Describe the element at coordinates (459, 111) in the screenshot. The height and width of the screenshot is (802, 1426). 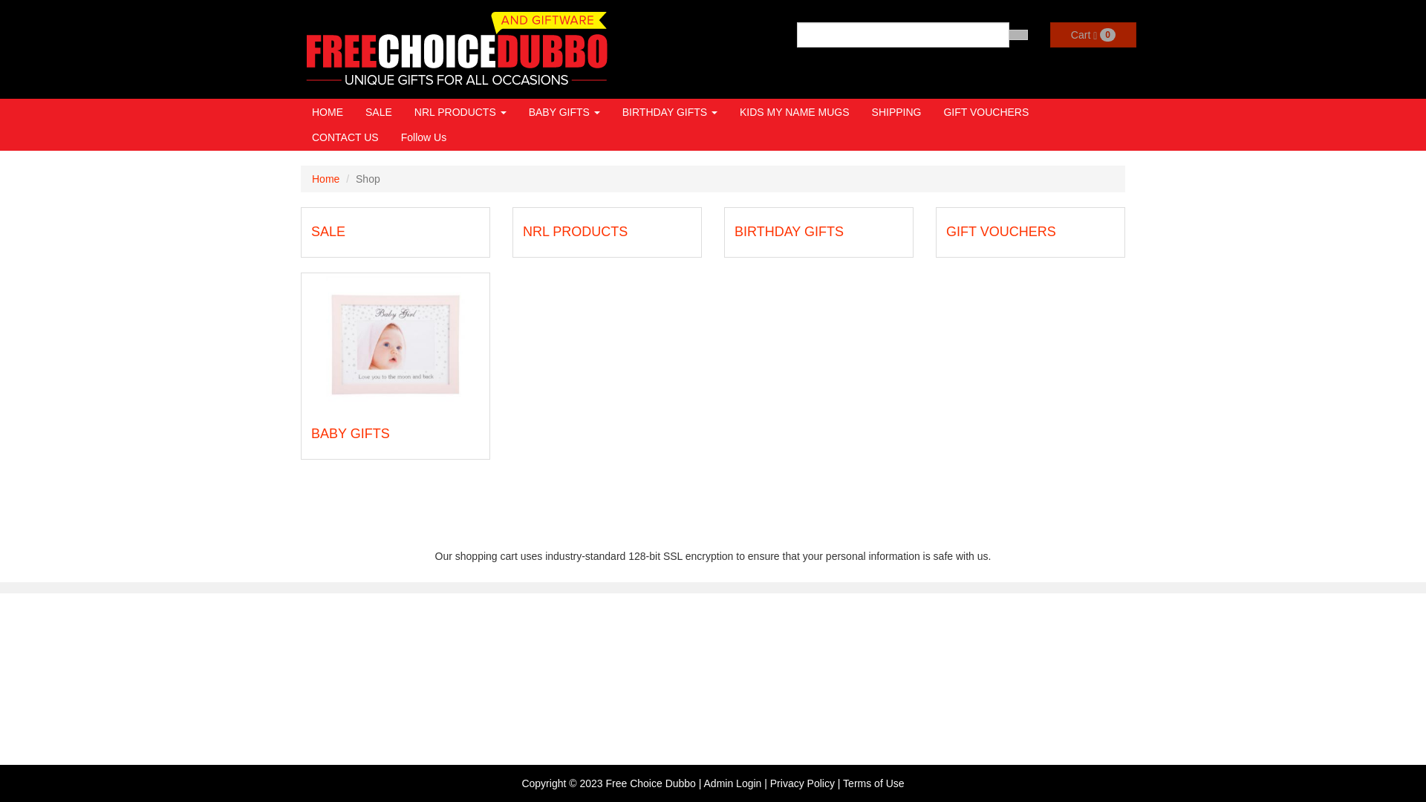
I see `'NRL PRODUCTS'` at that location.